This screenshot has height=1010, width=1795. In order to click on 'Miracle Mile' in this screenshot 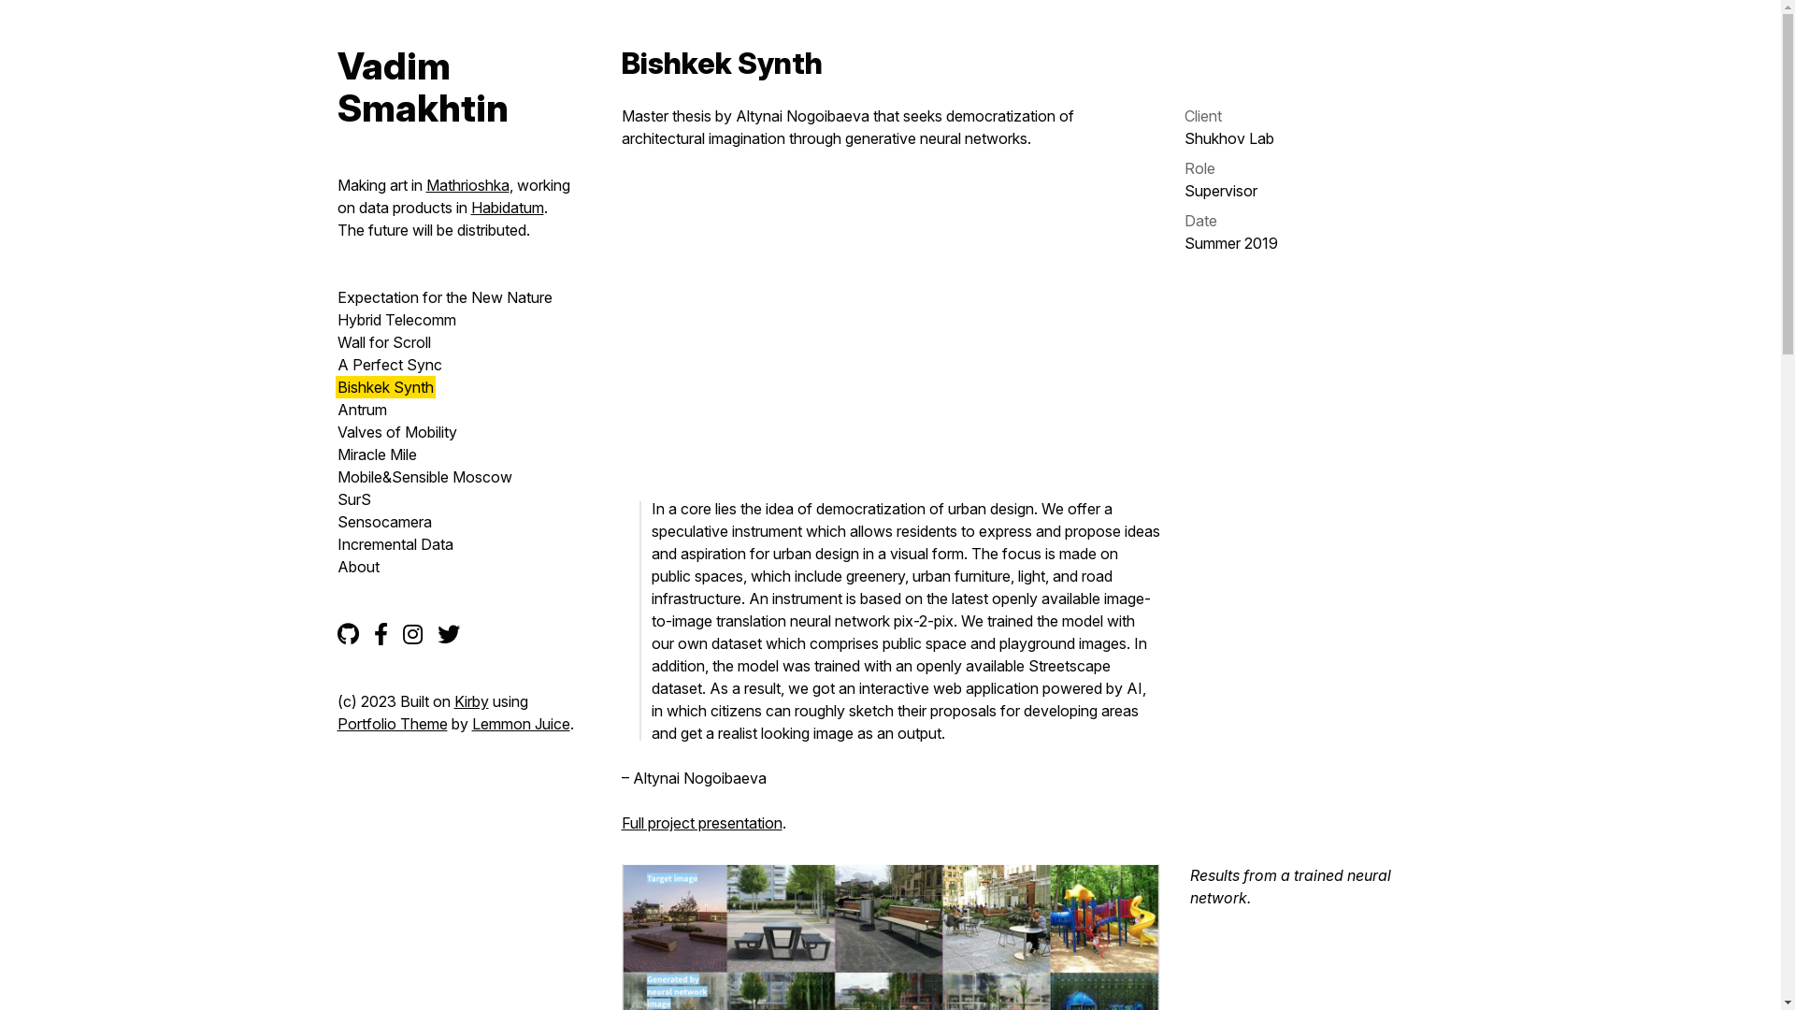, I will do `click(375, 454)`.